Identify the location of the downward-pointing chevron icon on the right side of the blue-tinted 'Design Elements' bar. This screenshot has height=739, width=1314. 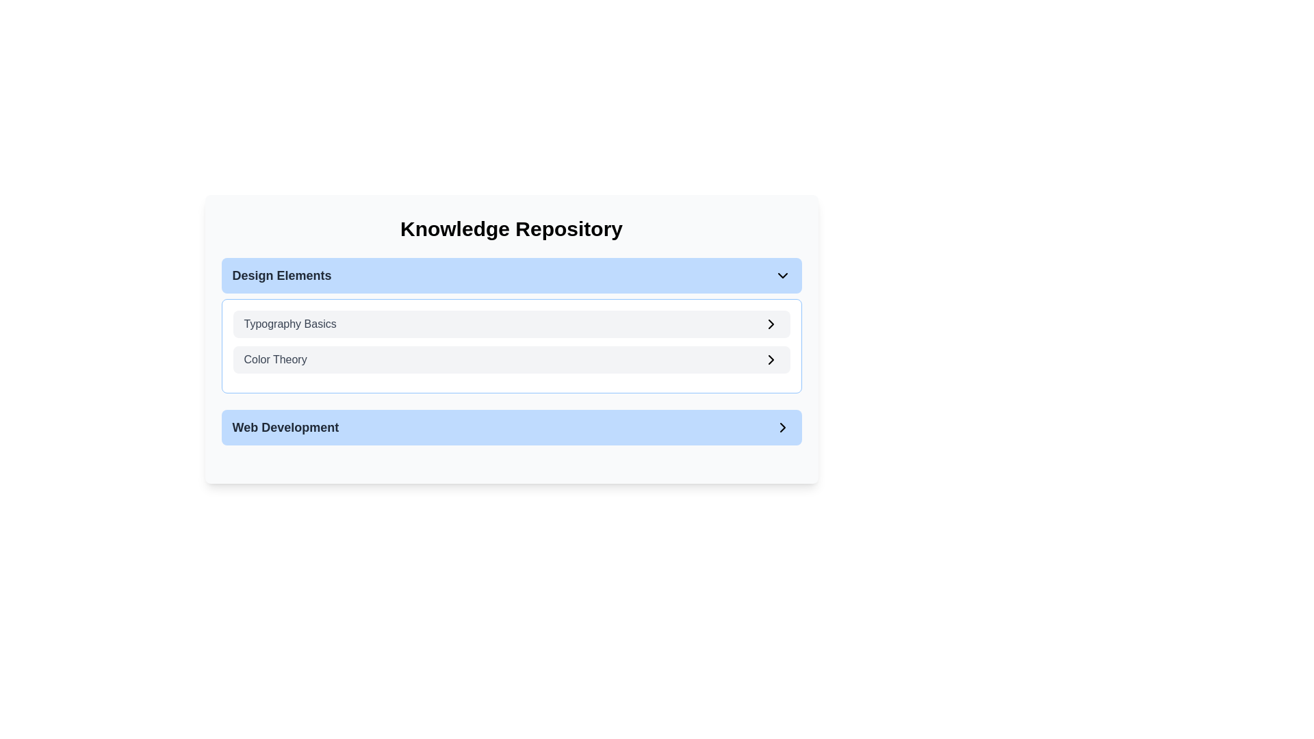
(782, 275).